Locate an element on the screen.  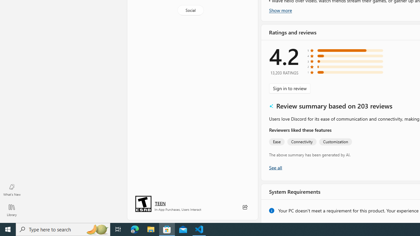
'Sign in to review' is located at coordinates (289, 88).